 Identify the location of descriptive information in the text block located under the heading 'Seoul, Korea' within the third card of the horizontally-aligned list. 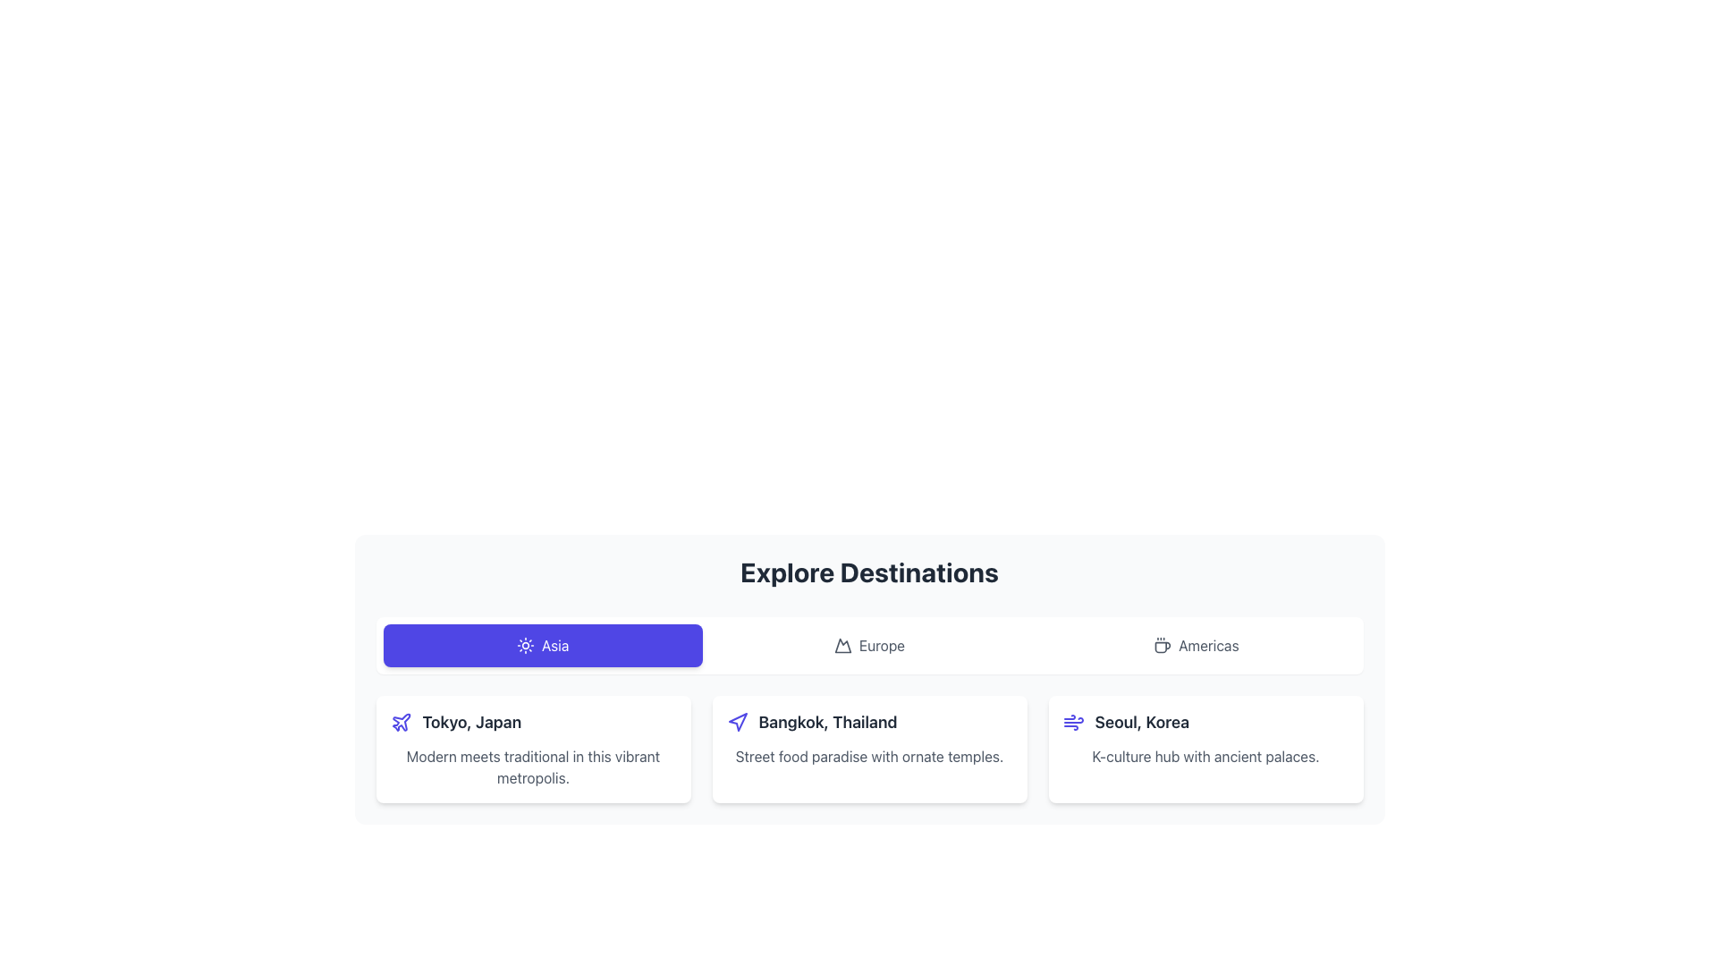
(1205, 756).